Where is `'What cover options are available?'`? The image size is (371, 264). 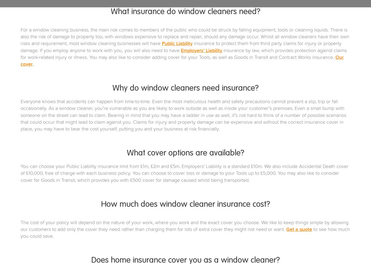 'What cover options are available?' is located at coordinates (185, 153).